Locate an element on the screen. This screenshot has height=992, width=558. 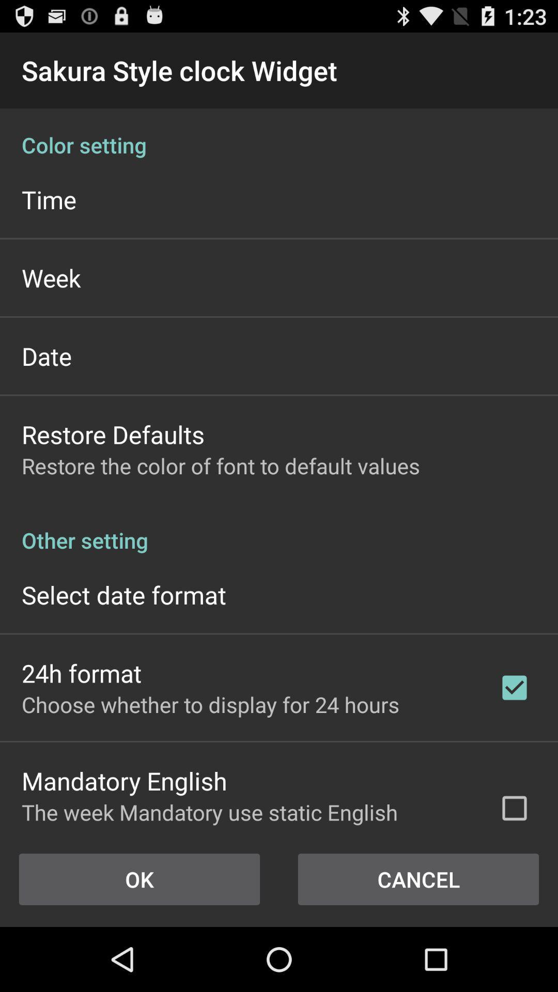
the app below the color setting icon is located at coordinates (49, 199).